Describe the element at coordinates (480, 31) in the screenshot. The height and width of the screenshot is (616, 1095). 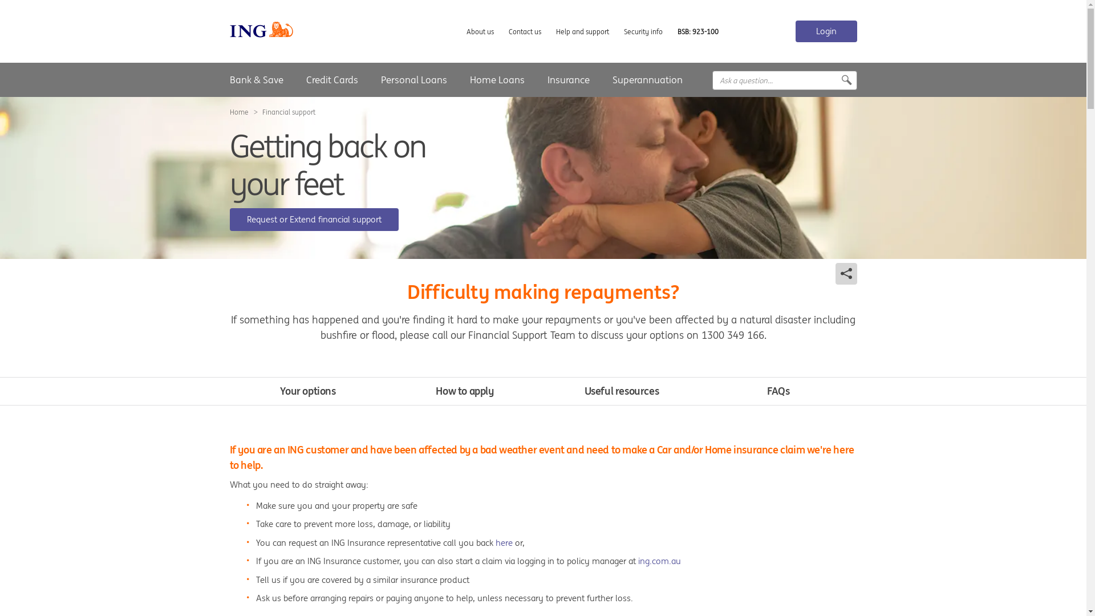
I see `'About us'` at that location.